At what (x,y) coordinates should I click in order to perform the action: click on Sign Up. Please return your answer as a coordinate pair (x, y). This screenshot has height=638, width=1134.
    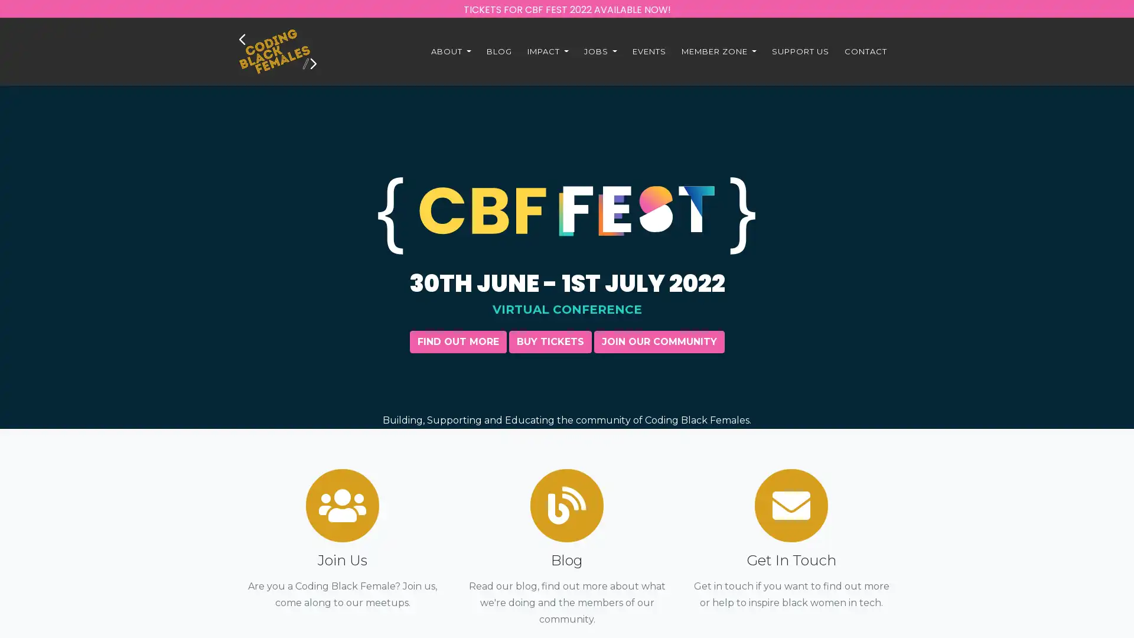
    Looking at the image, I should click on (567, 518).